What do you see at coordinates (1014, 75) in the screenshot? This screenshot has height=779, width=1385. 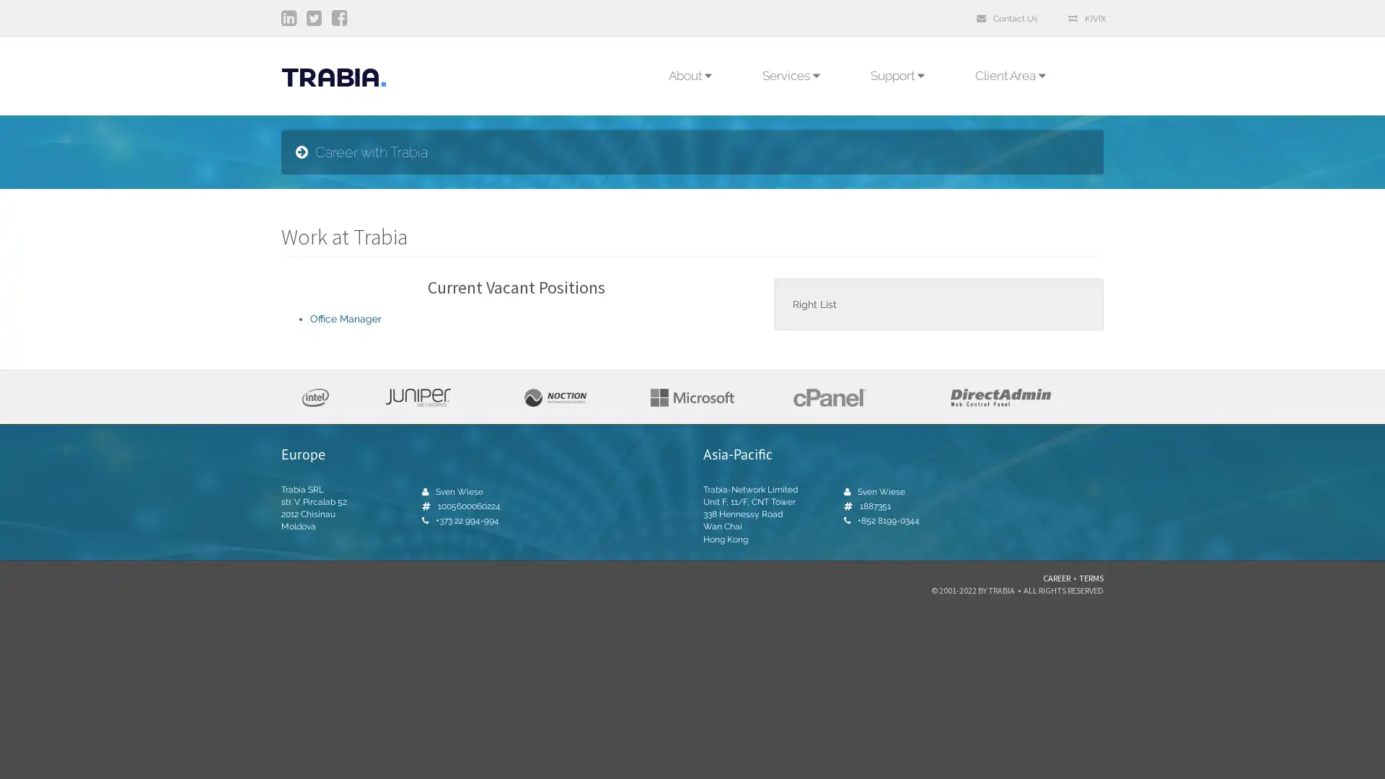 I see `Client Area` at bounding box center [1014, 75].